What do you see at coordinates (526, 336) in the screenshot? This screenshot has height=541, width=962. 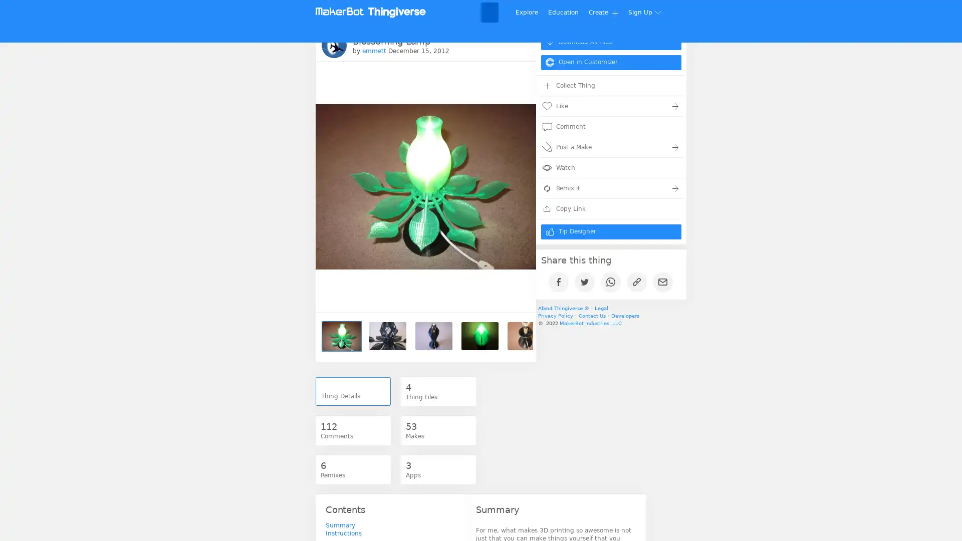 I see `slide item 5` at bounding box center [526, 336].